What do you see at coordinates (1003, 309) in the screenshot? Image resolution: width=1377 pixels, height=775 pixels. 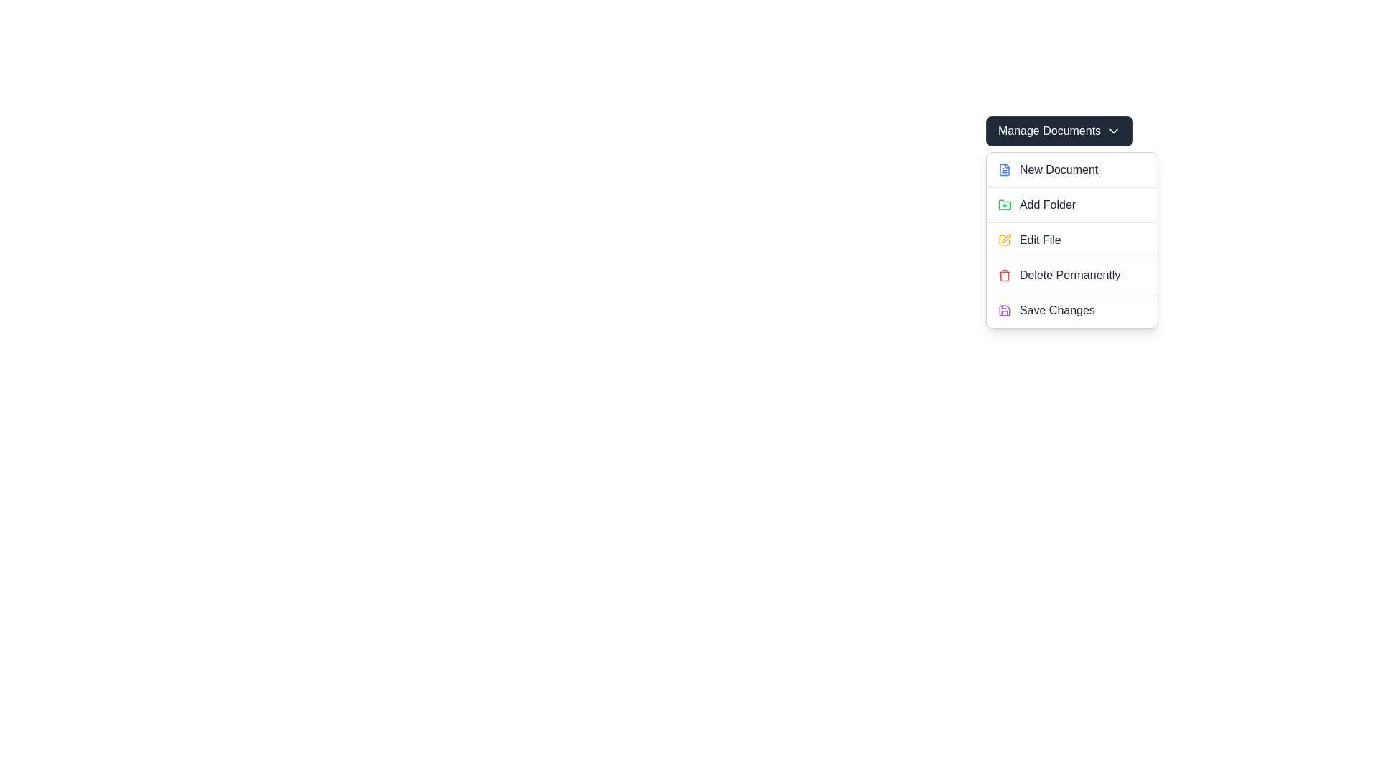 I see `the small purple save disk icon located to the left of the 'Save Changes' menu item` at bounding box center [1003, 309].